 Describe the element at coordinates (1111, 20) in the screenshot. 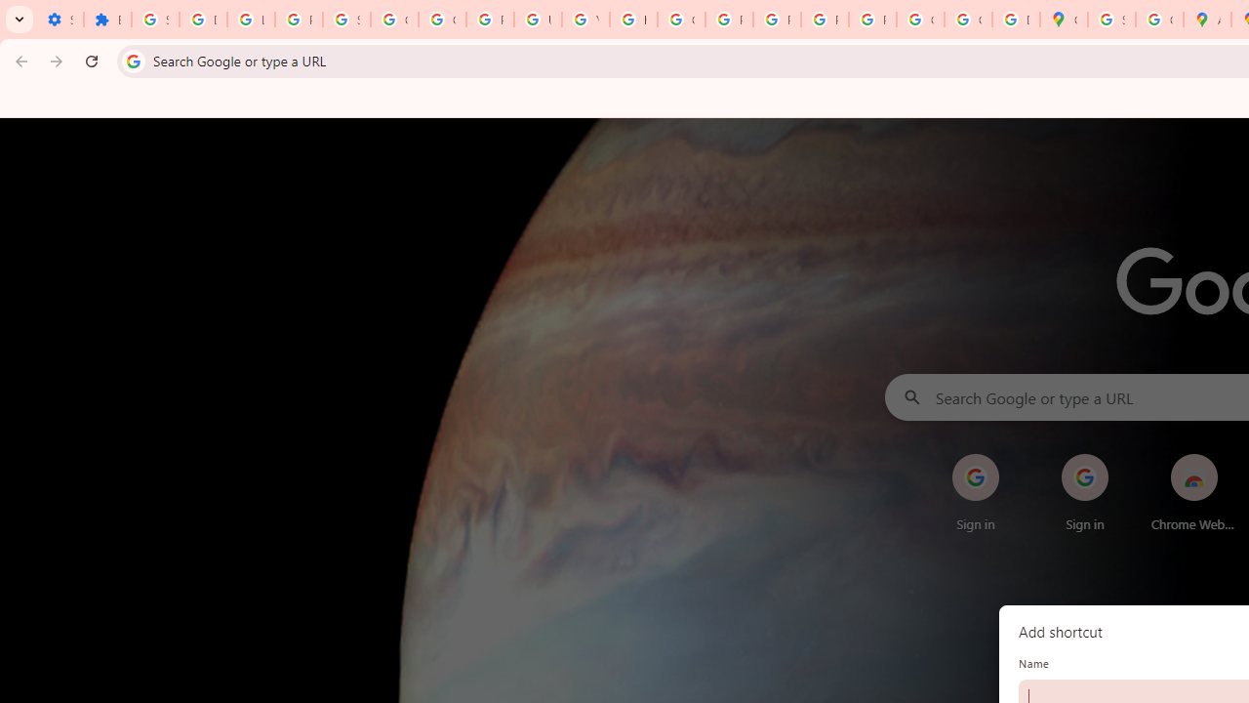

I see `'Sign in - Google Accounts'` at that location.